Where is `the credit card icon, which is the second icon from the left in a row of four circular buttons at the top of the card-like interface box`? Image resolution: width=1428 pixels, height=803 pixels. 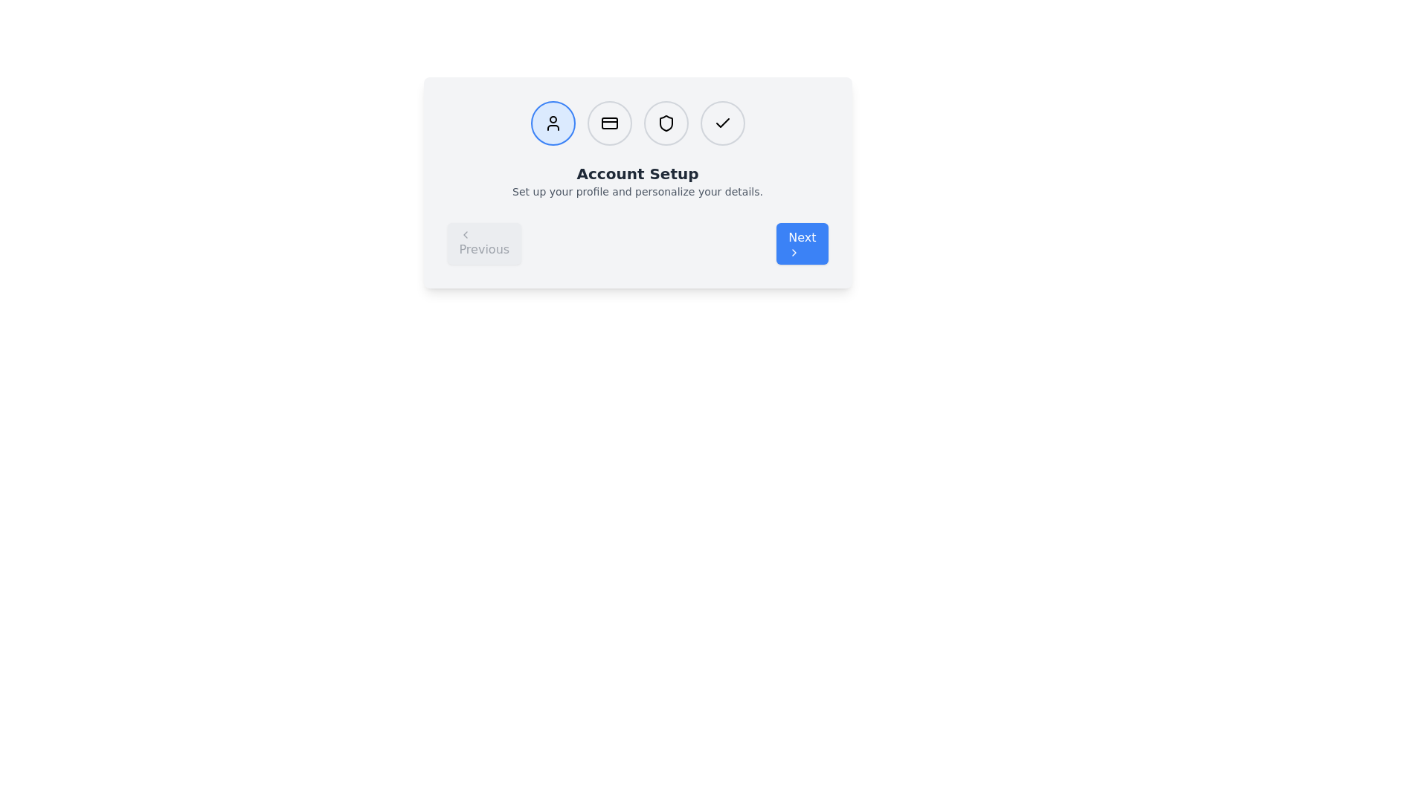
the credit card icon, which is the second icon from the left in a row of four circular buttons at the top of the card-like interface box is located at coordinates (609, 122).